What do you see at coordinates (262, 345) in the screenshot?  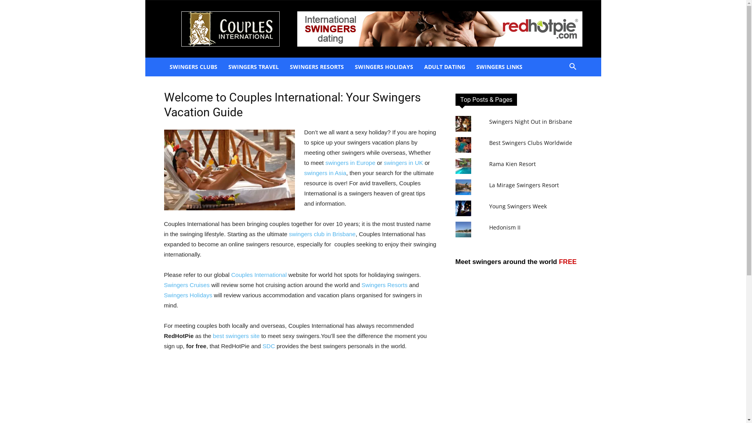 I see `'SDC'` at bounding box center [262, 345].